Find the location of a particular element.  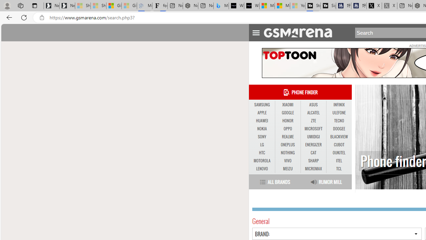

'GOOGLE' is located at coordinates (288, 112).